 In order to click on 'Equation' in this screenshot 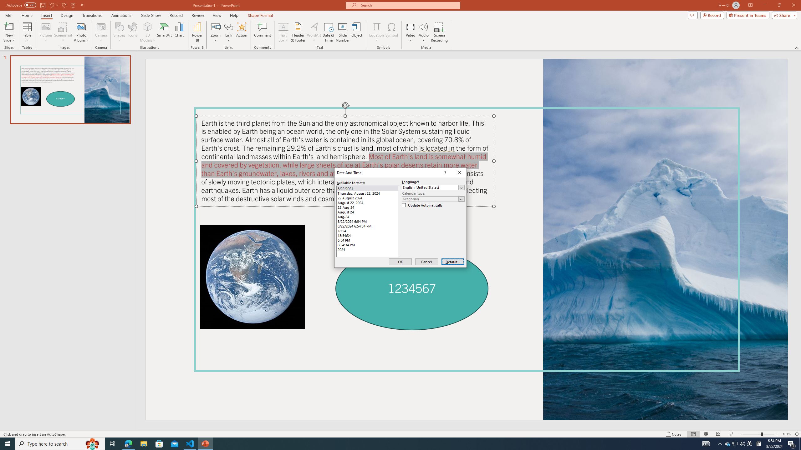, I will do `click(376, 26)`.